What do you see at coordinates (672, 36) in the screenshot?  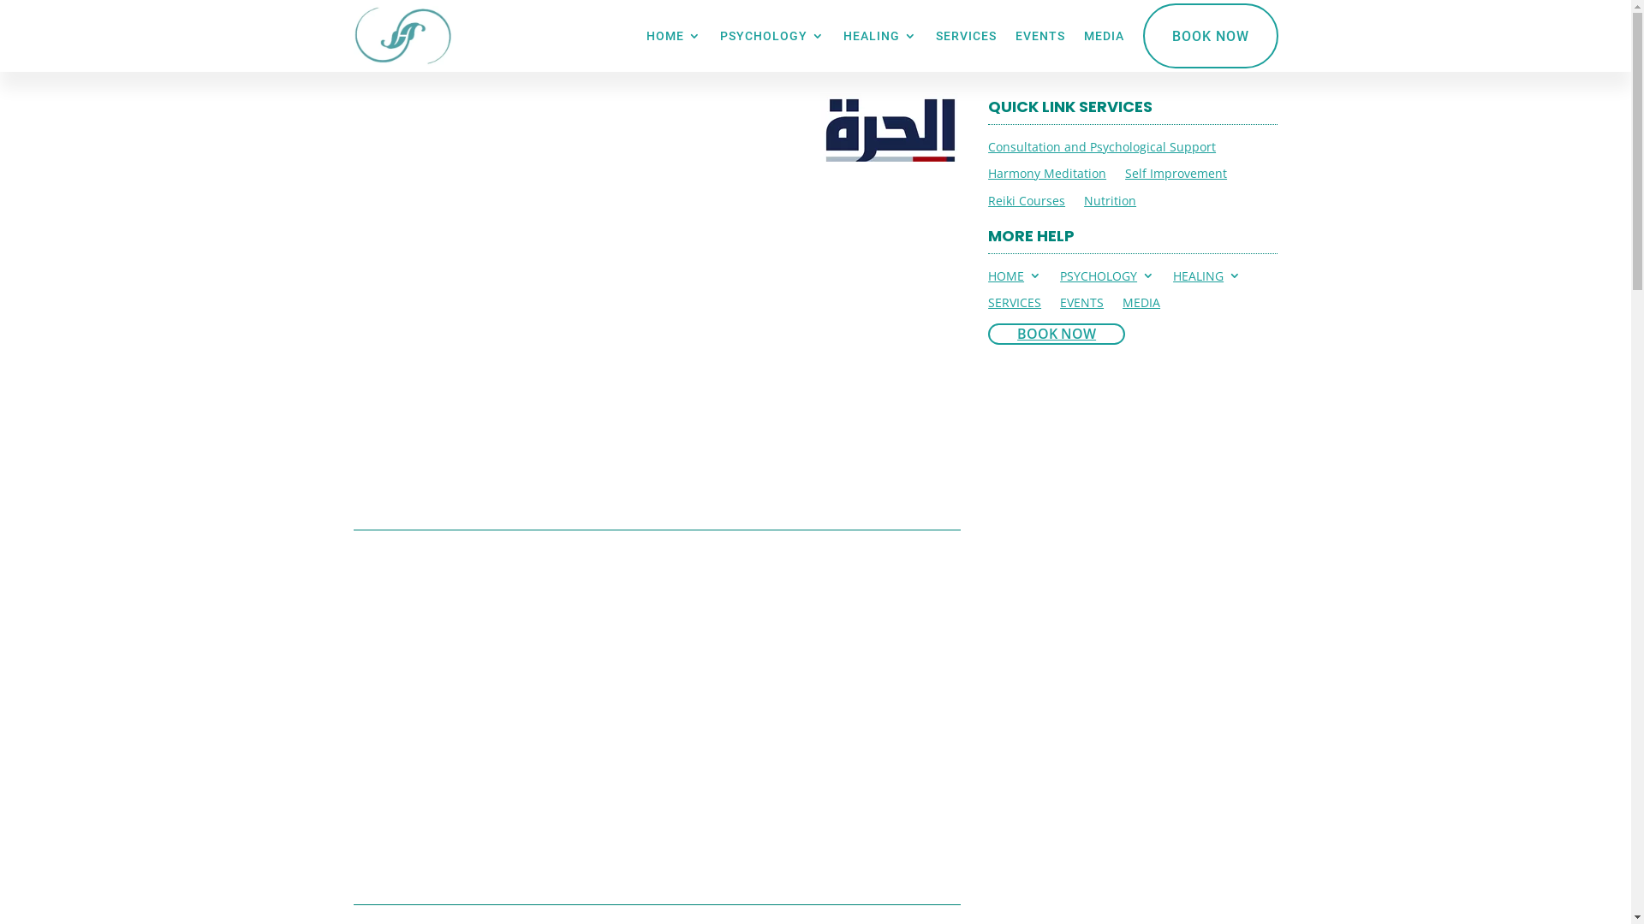 I see `'HOME'` at bounding box center [672, 36].